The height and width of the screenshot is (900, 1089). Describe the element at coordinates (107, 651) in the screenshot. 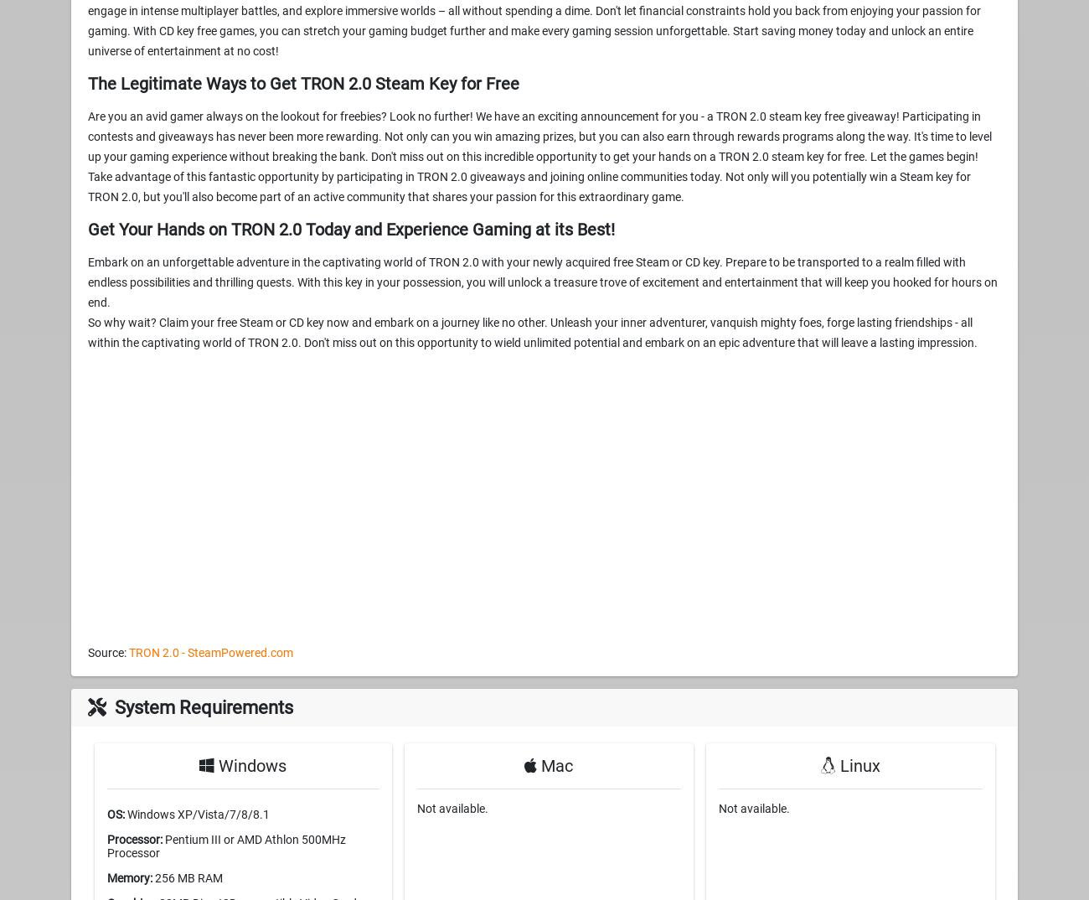

I see `'Source:'` at that location.